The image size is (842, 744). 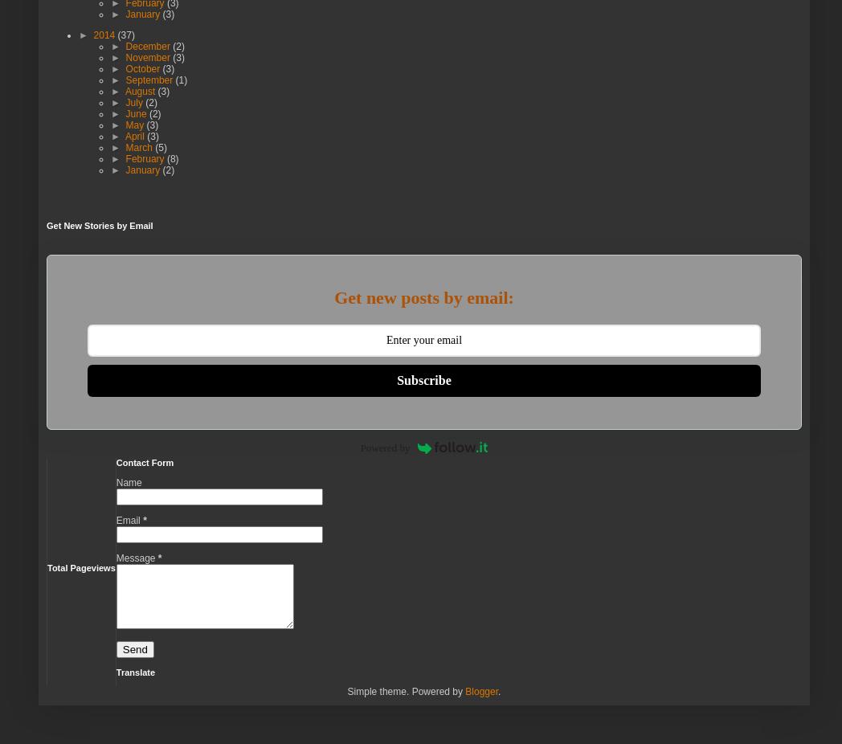 I want to click on 'November', so click(x=148, y=57).